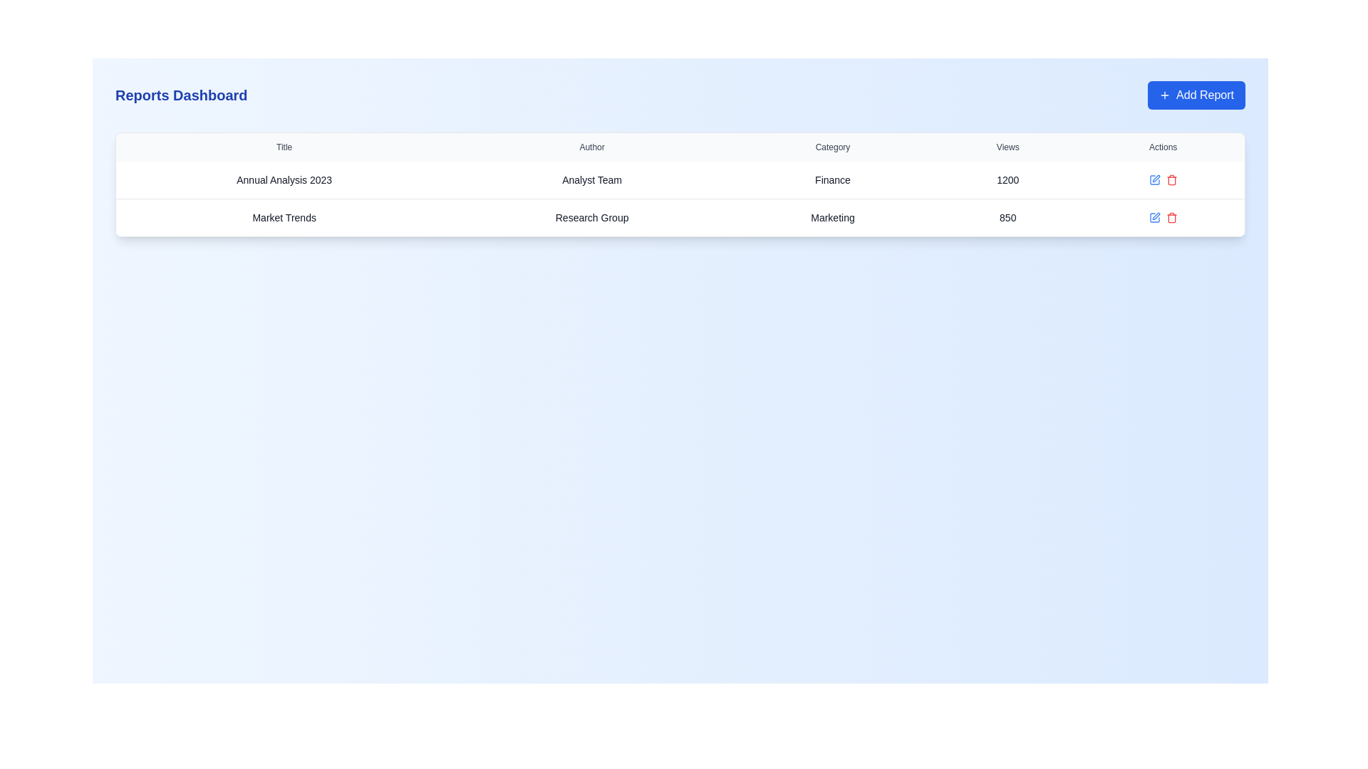 This screenshot has height=769, width=1368. What do you see at coordinates (1156, 216) in the screenshot?
I see `the pen-edit icon` at bounding box center [1156, 216].